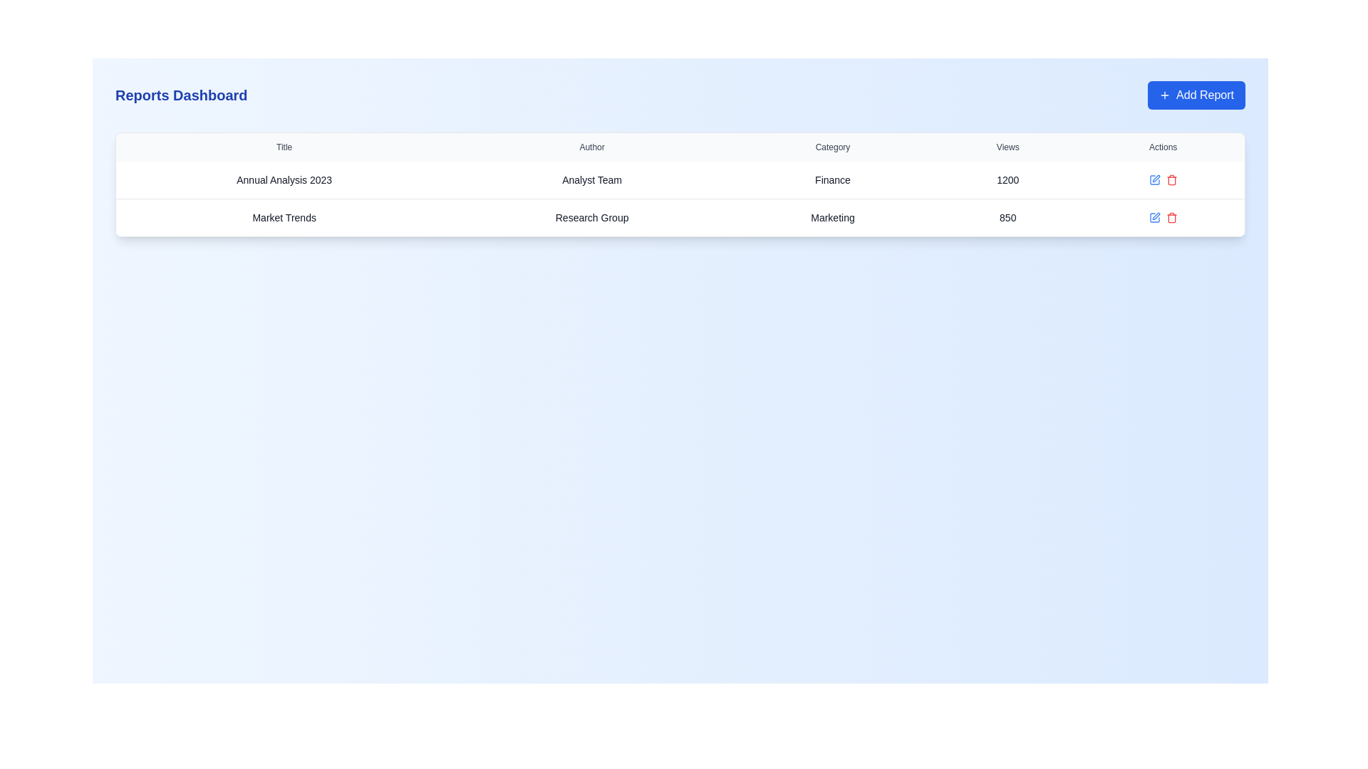 This screenshot has height=769, width=1368. What do you see at coordinates (1156, 216) in the screenshot?
I see `the pen-edit icon` at bounding box center [1156, 216].